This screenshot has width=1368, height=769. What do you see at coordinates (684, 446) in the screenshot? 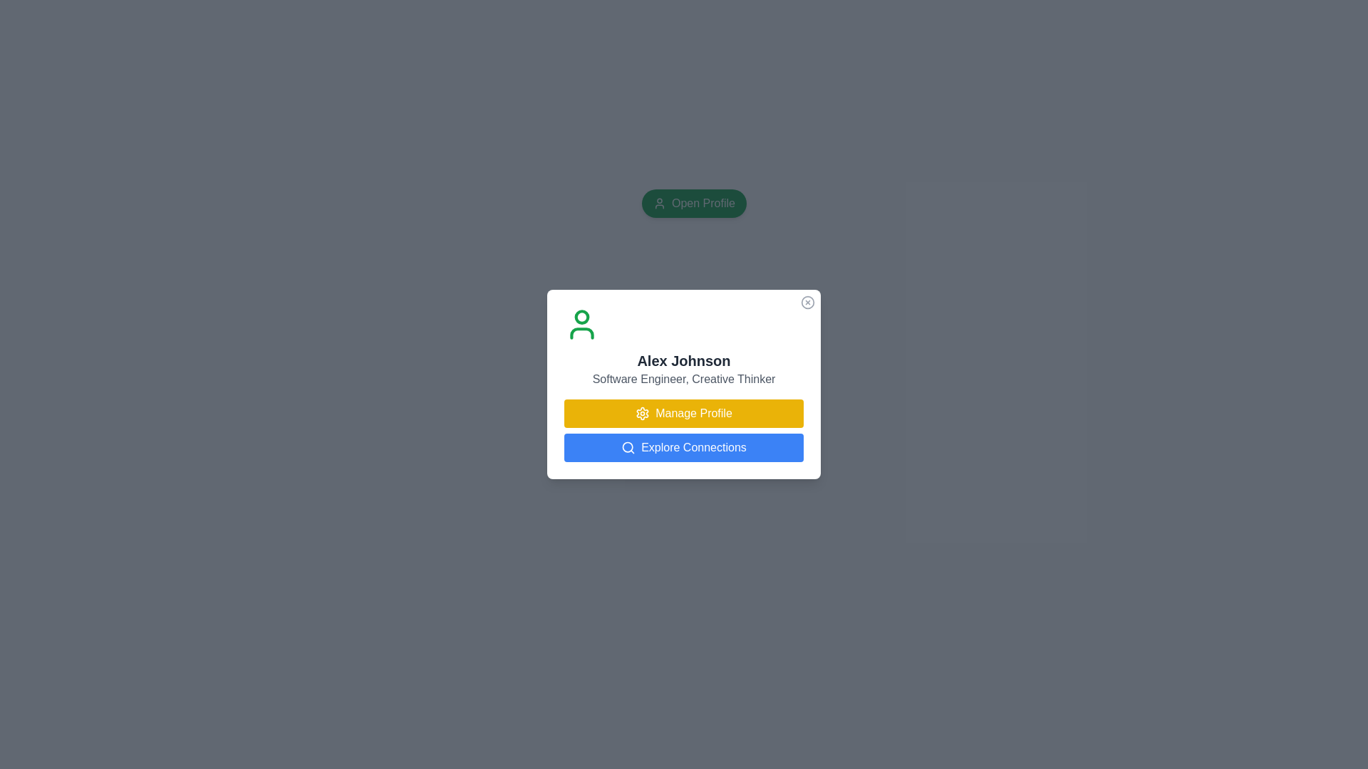
I see `the rectangular button with rounded corners that has a blue background and white text reading 'Explore Connections'` at bounding box center [684, 446].